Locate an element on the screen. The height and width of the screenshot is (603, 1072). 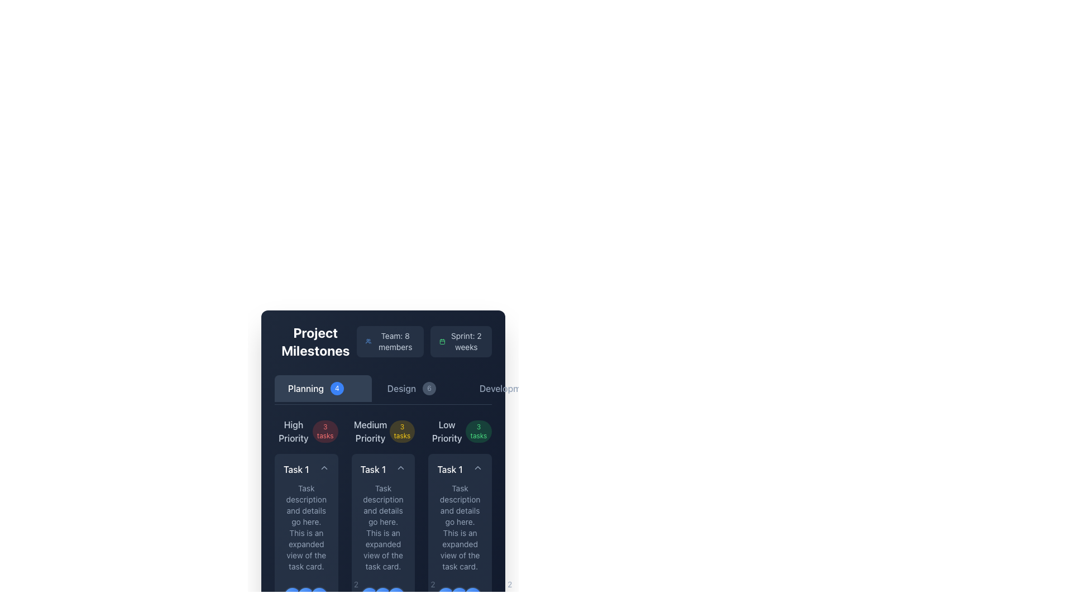
the text block providing context for the task in the leftmost 'High Priority' task card in the 'Planning' section of the 'Project Milestones' interface for accessibility purposes is located at coordinates (306, 528).